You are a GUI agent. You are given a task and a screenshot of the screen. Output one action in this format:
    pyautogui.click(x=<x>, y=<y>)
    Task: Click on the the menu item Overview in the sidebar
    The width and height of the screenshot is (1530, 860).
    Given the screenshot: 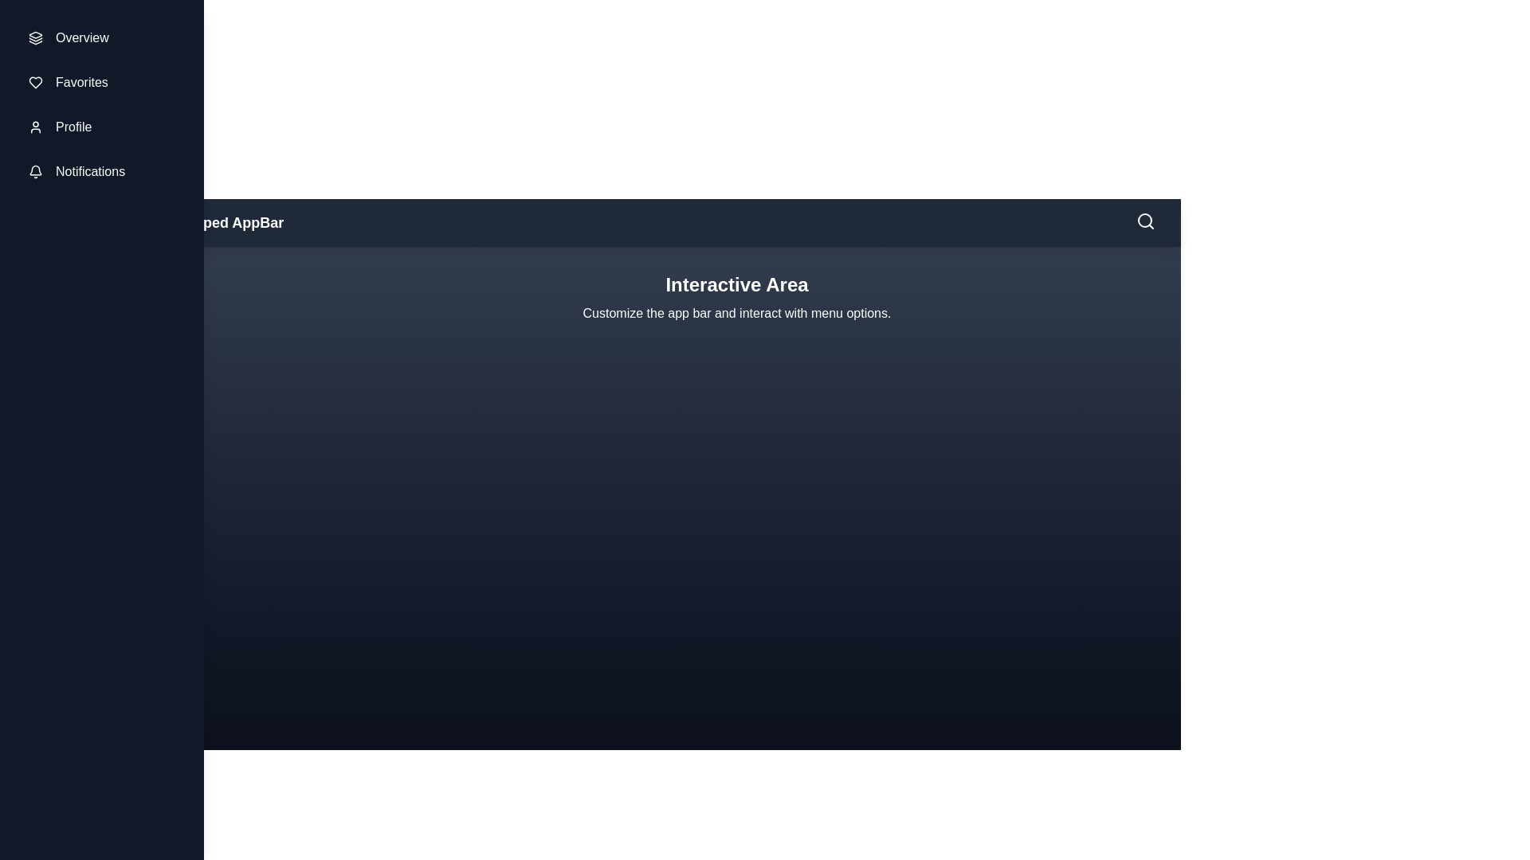 What is the action you would take?
    pyautogui.click(x=101, y=37)
    